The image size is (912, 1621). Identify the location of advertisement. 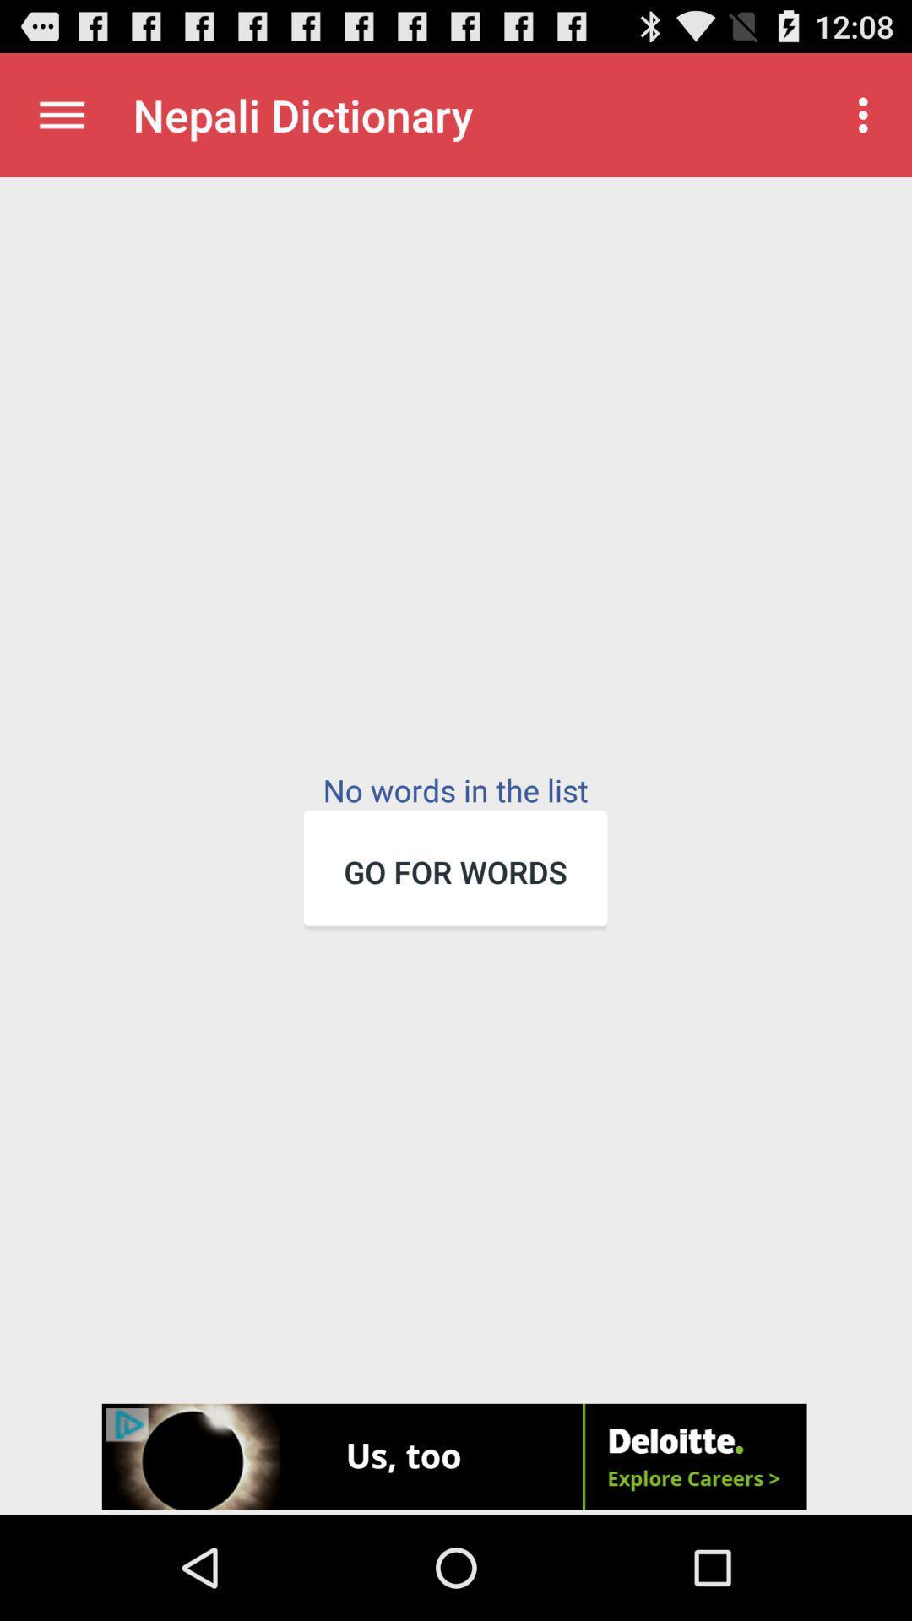
(456, 1458).